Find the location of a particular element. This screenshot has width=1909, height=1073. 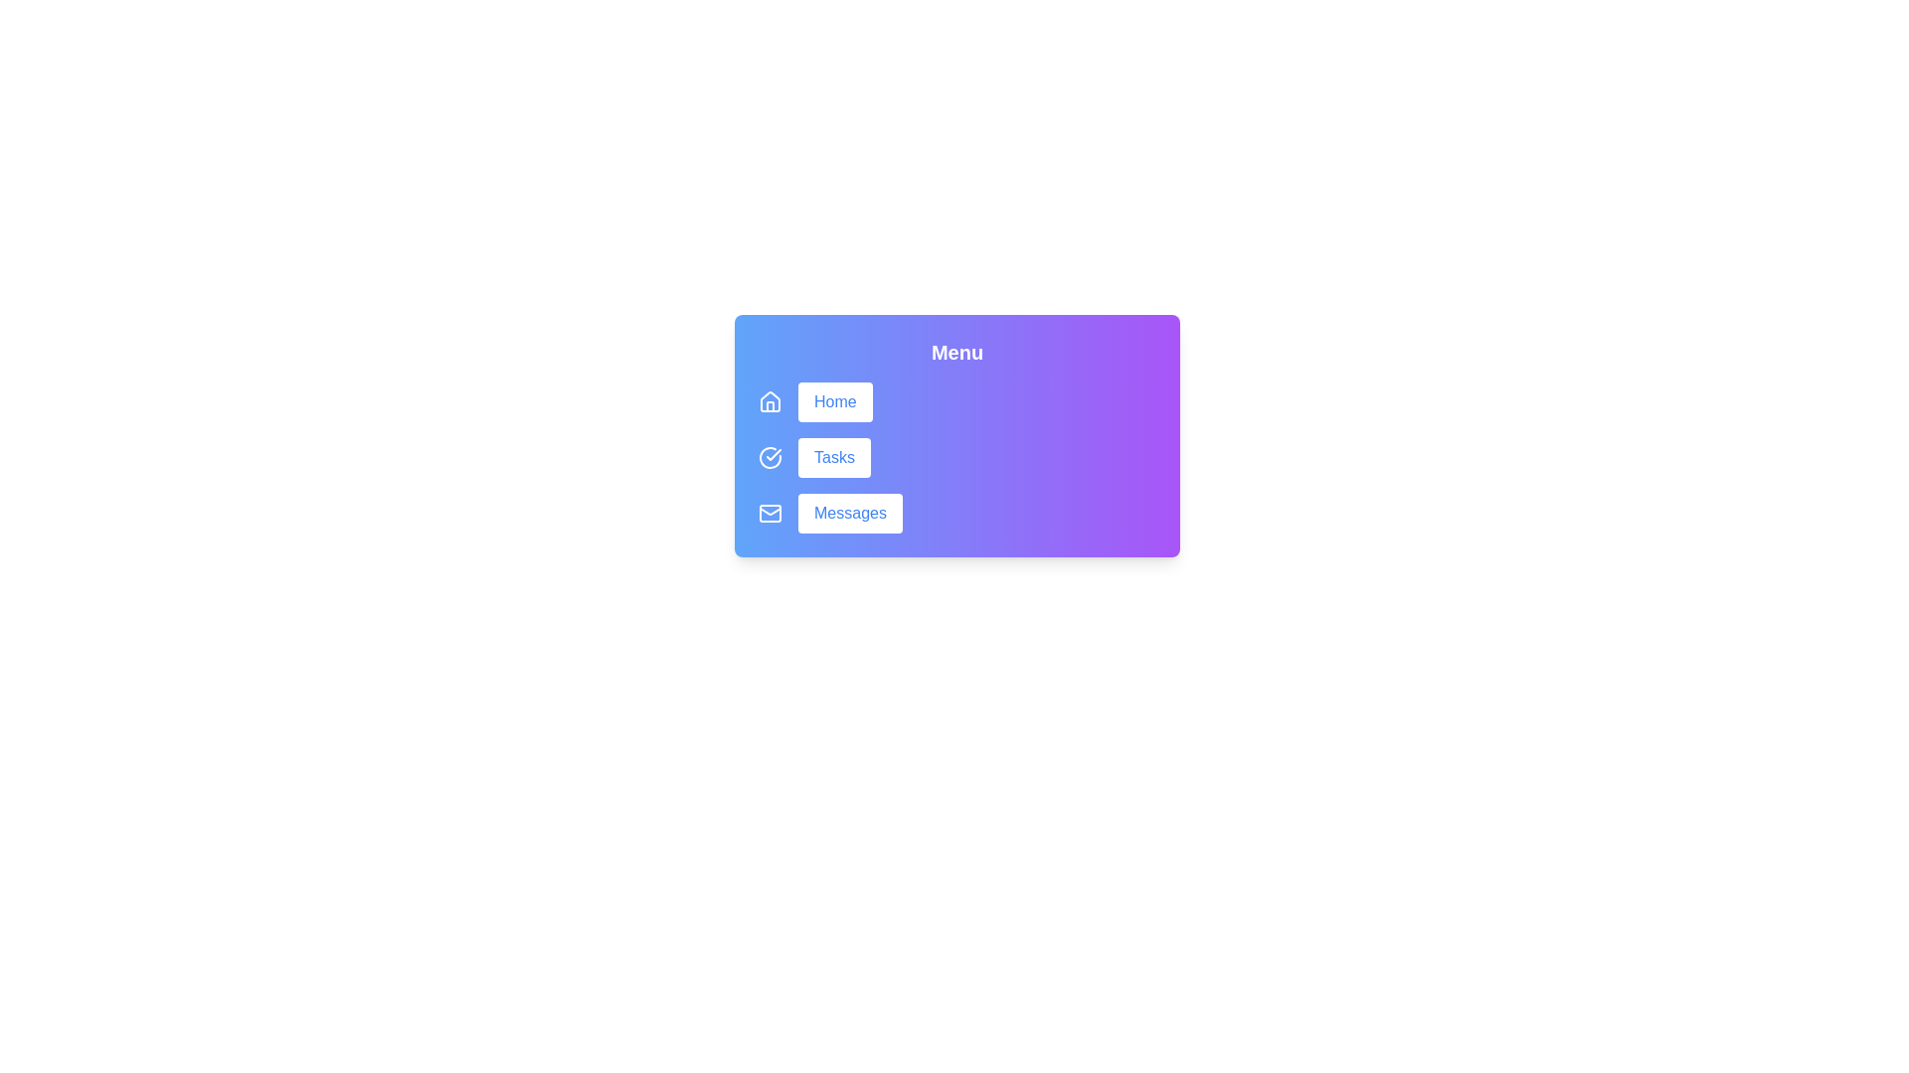

the button labeled Messages to observe the hover effect is located at coordinates (850, 512).